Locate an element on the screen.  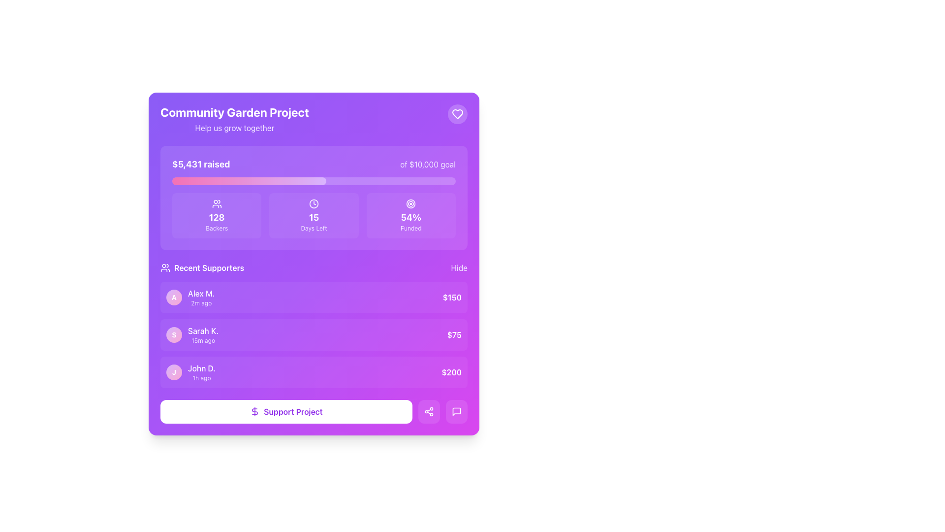
the bold, white-colored numeric text '128' displayed prominently on a purple background, located within the 'Community Garden Project' card, above the label 'Backers' is located at coordinates (216, 217).